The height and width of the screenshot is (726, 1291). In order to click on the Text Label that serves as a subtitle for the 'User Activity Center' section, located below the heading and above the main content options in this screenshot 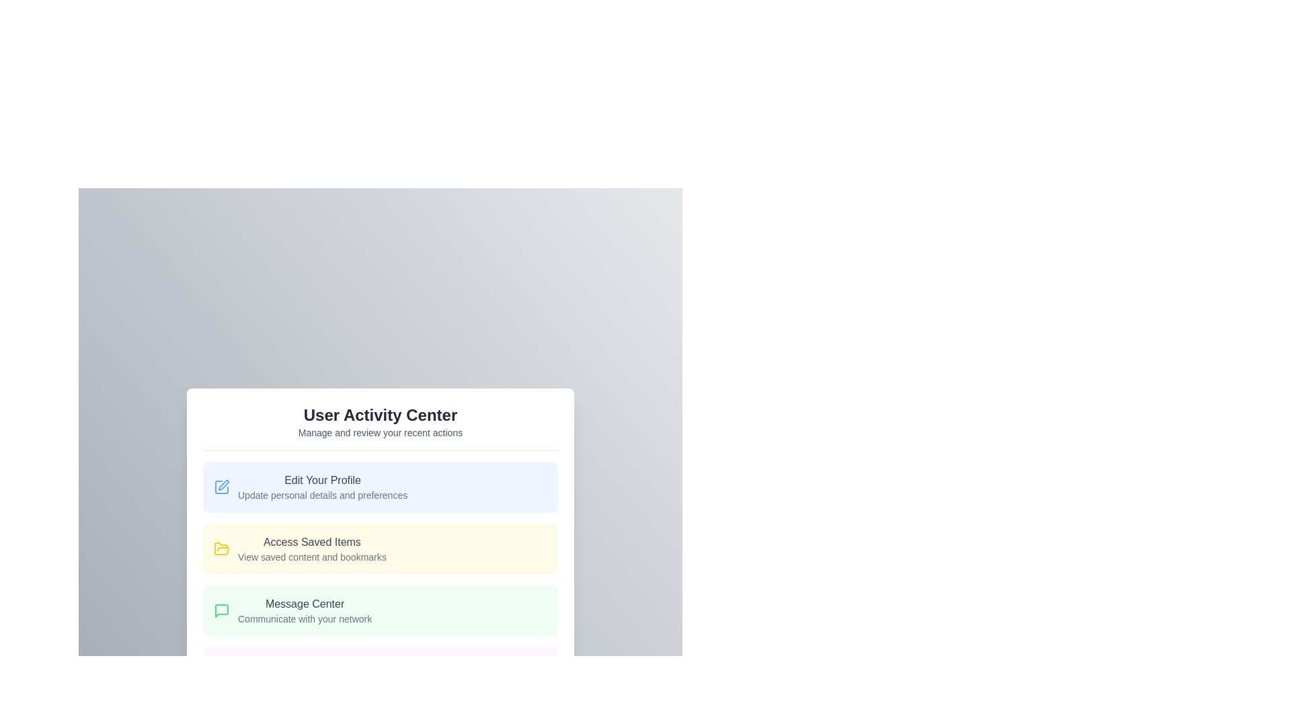, I will do `click(380, 432)`.